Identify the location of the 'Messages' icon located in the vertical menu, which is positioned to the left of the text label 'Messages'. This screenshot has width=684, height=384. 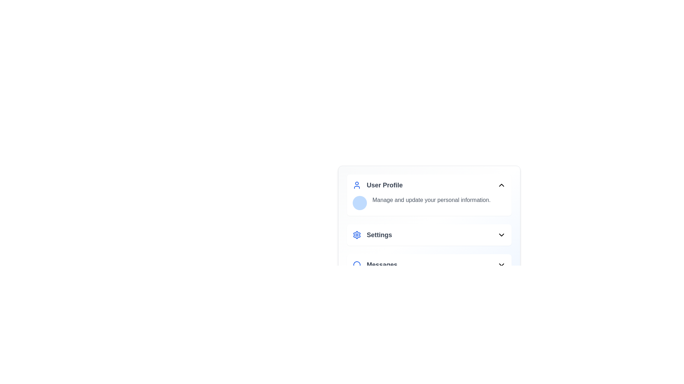
(357, 265).